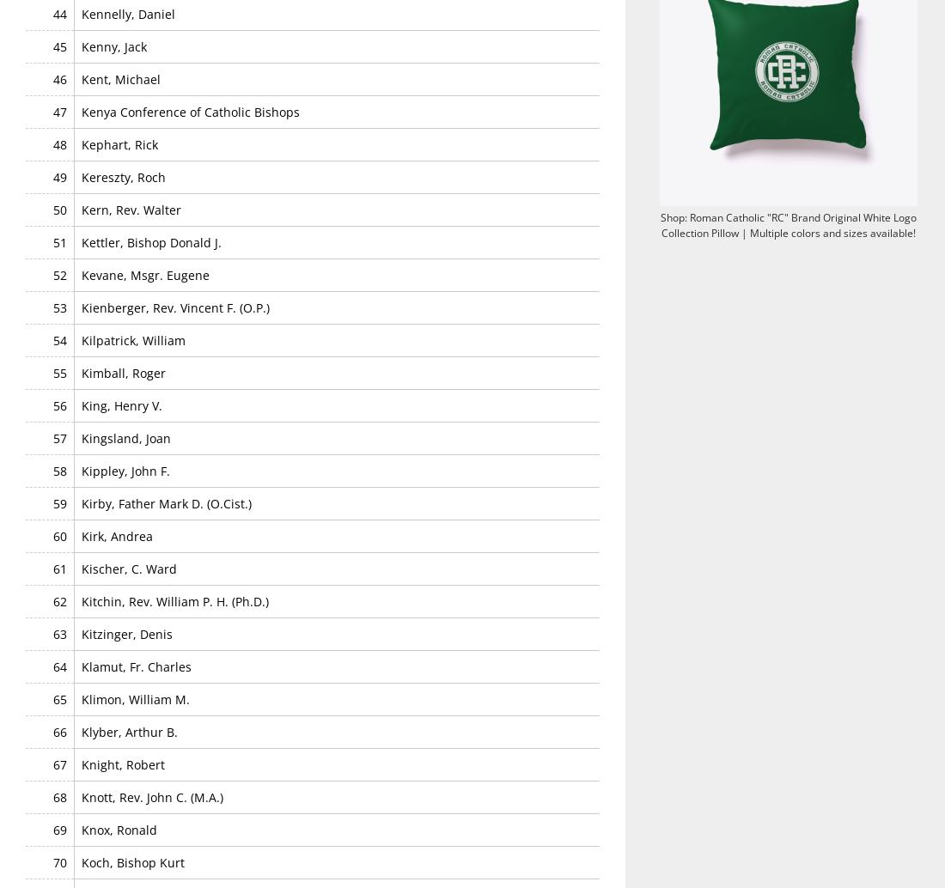 Image resolution: width=945 pixels, height=888 pixels. What do you see at coordinates (117, 535) in the screenshot?
I see `'Kirk, Andrea'` at bounding box center [117, 535].